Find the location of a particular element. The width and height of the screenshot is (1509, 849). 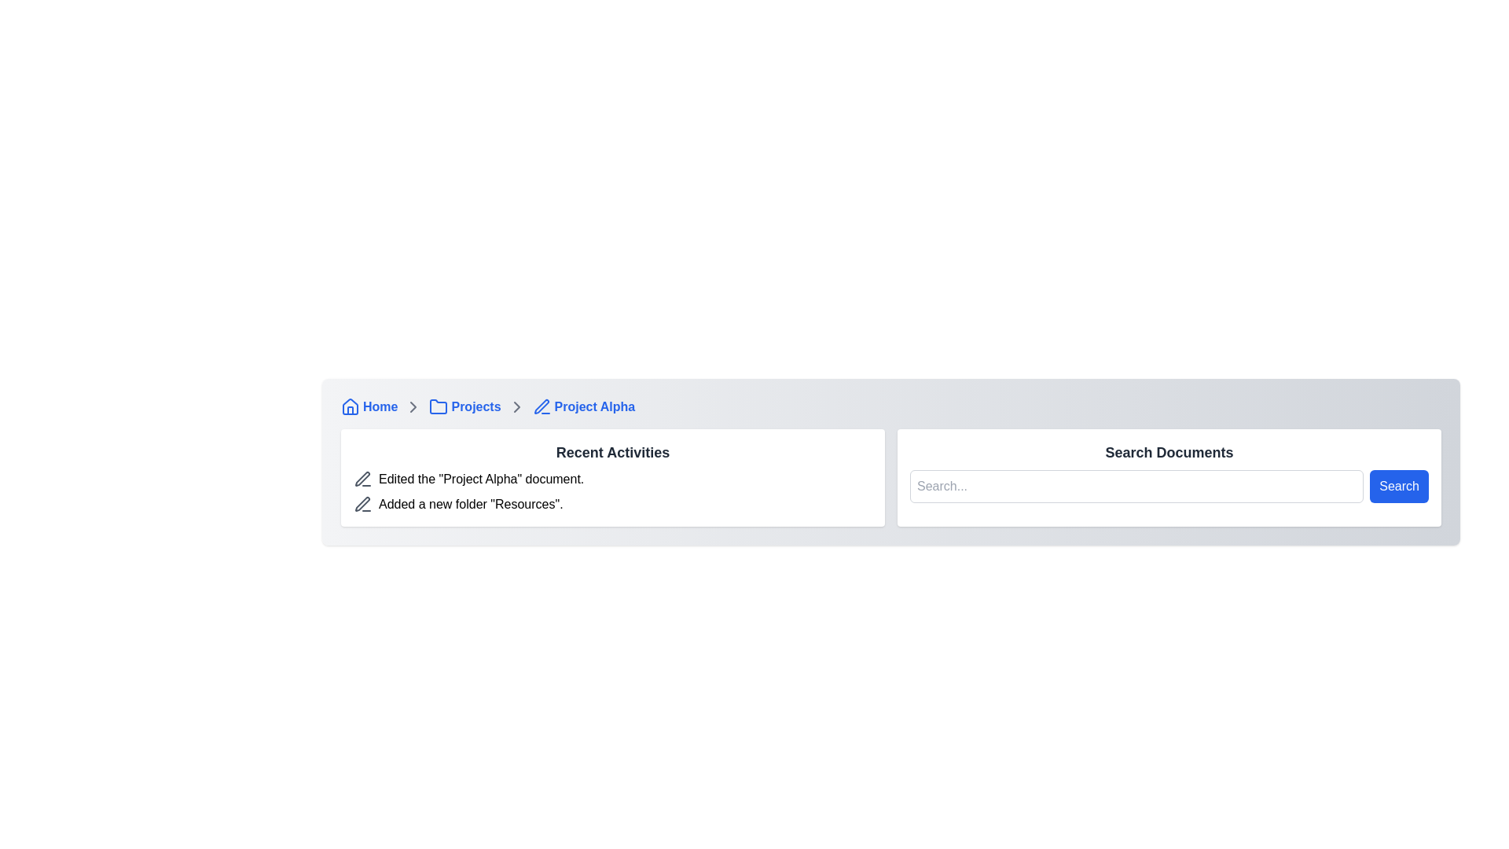

the interactive hyperlink labeled 'Home', which features a blue house icon and is positioned at the top left of the interface as the first item in a breadcrumb navigation is located at coordinates (369, 406).